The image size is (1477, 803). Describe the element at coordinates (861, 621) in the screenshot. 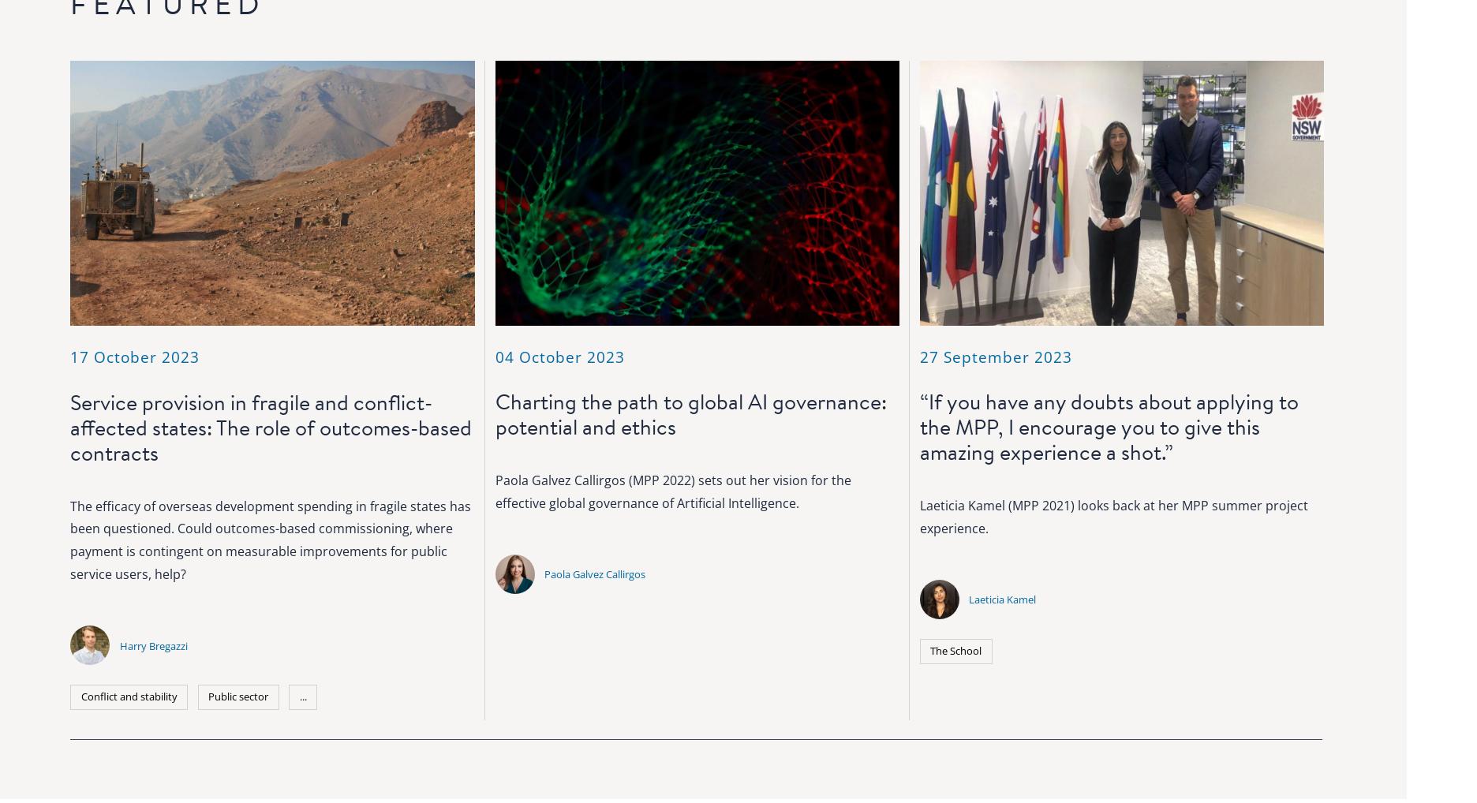

I see `'Contact us'` at that location.